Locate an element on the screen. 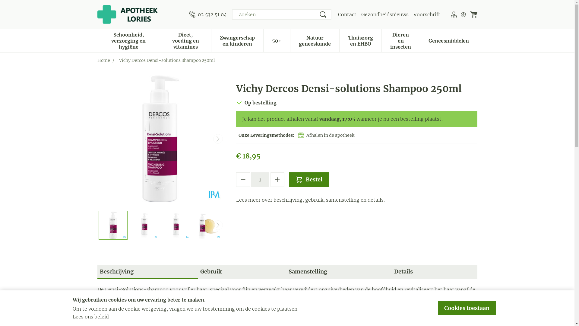  'Lees ons beleid' is located at coordinates (90, 316).